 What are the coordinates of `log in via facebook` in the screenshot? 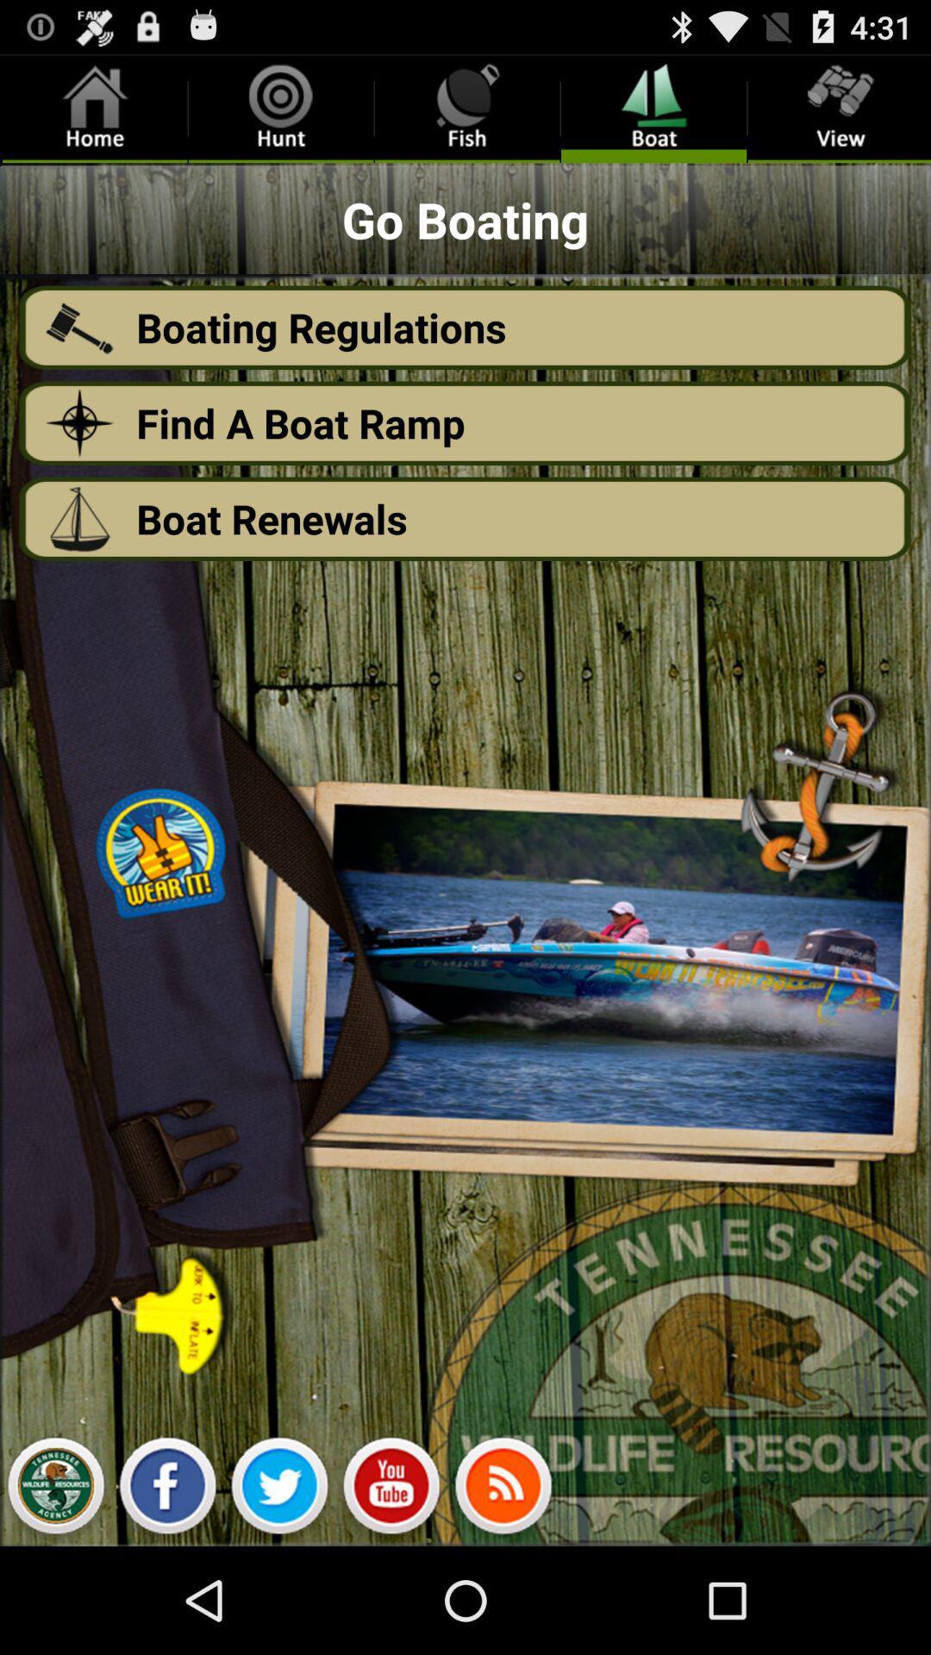 It's located at (167, 1489).